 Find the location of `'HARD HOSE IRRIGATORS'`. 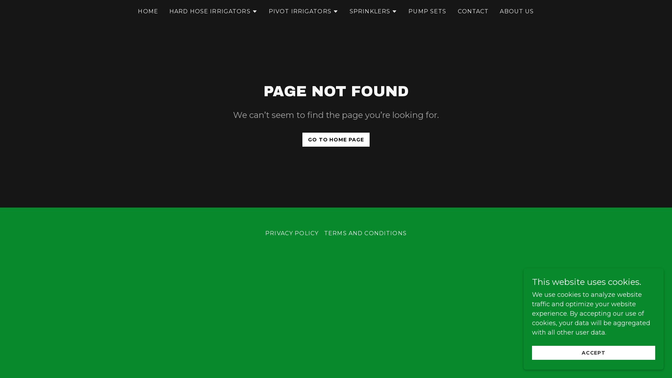

'HARD HOSE IRRIGATORS' is located at coordinates (213, 12).